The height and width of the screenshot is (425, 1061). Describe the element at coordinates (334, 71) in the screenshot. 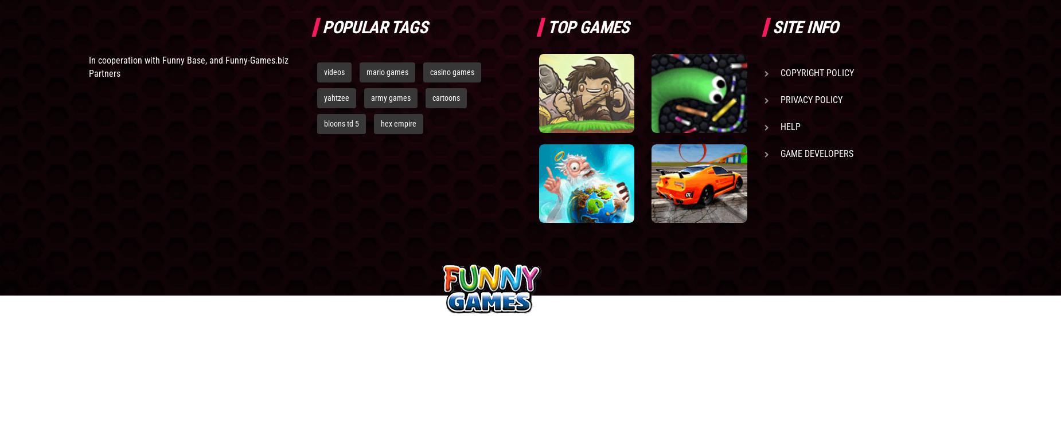

I see `'videos'` at that location.